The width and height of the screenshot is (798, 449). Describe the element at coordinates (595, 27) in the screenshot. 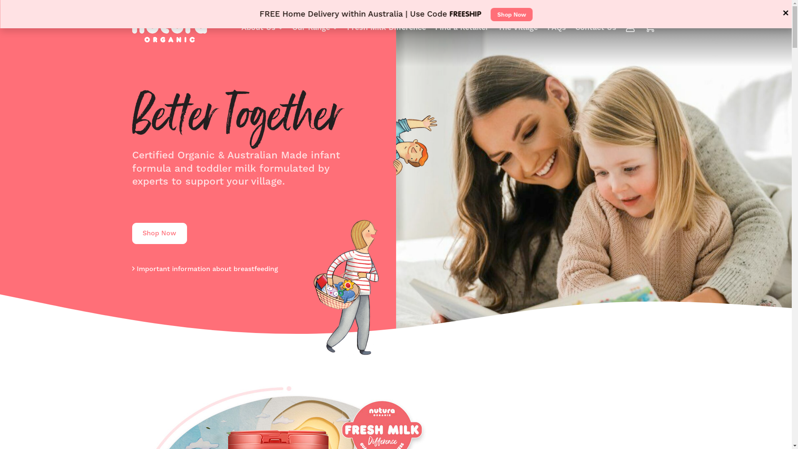

I see `'Contact Us'` at that location.